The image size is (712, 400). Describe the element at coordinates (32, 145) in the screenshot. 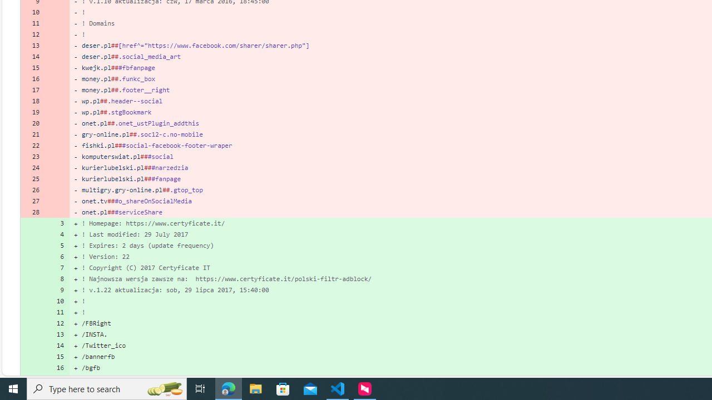

I see `'22'` at that location.